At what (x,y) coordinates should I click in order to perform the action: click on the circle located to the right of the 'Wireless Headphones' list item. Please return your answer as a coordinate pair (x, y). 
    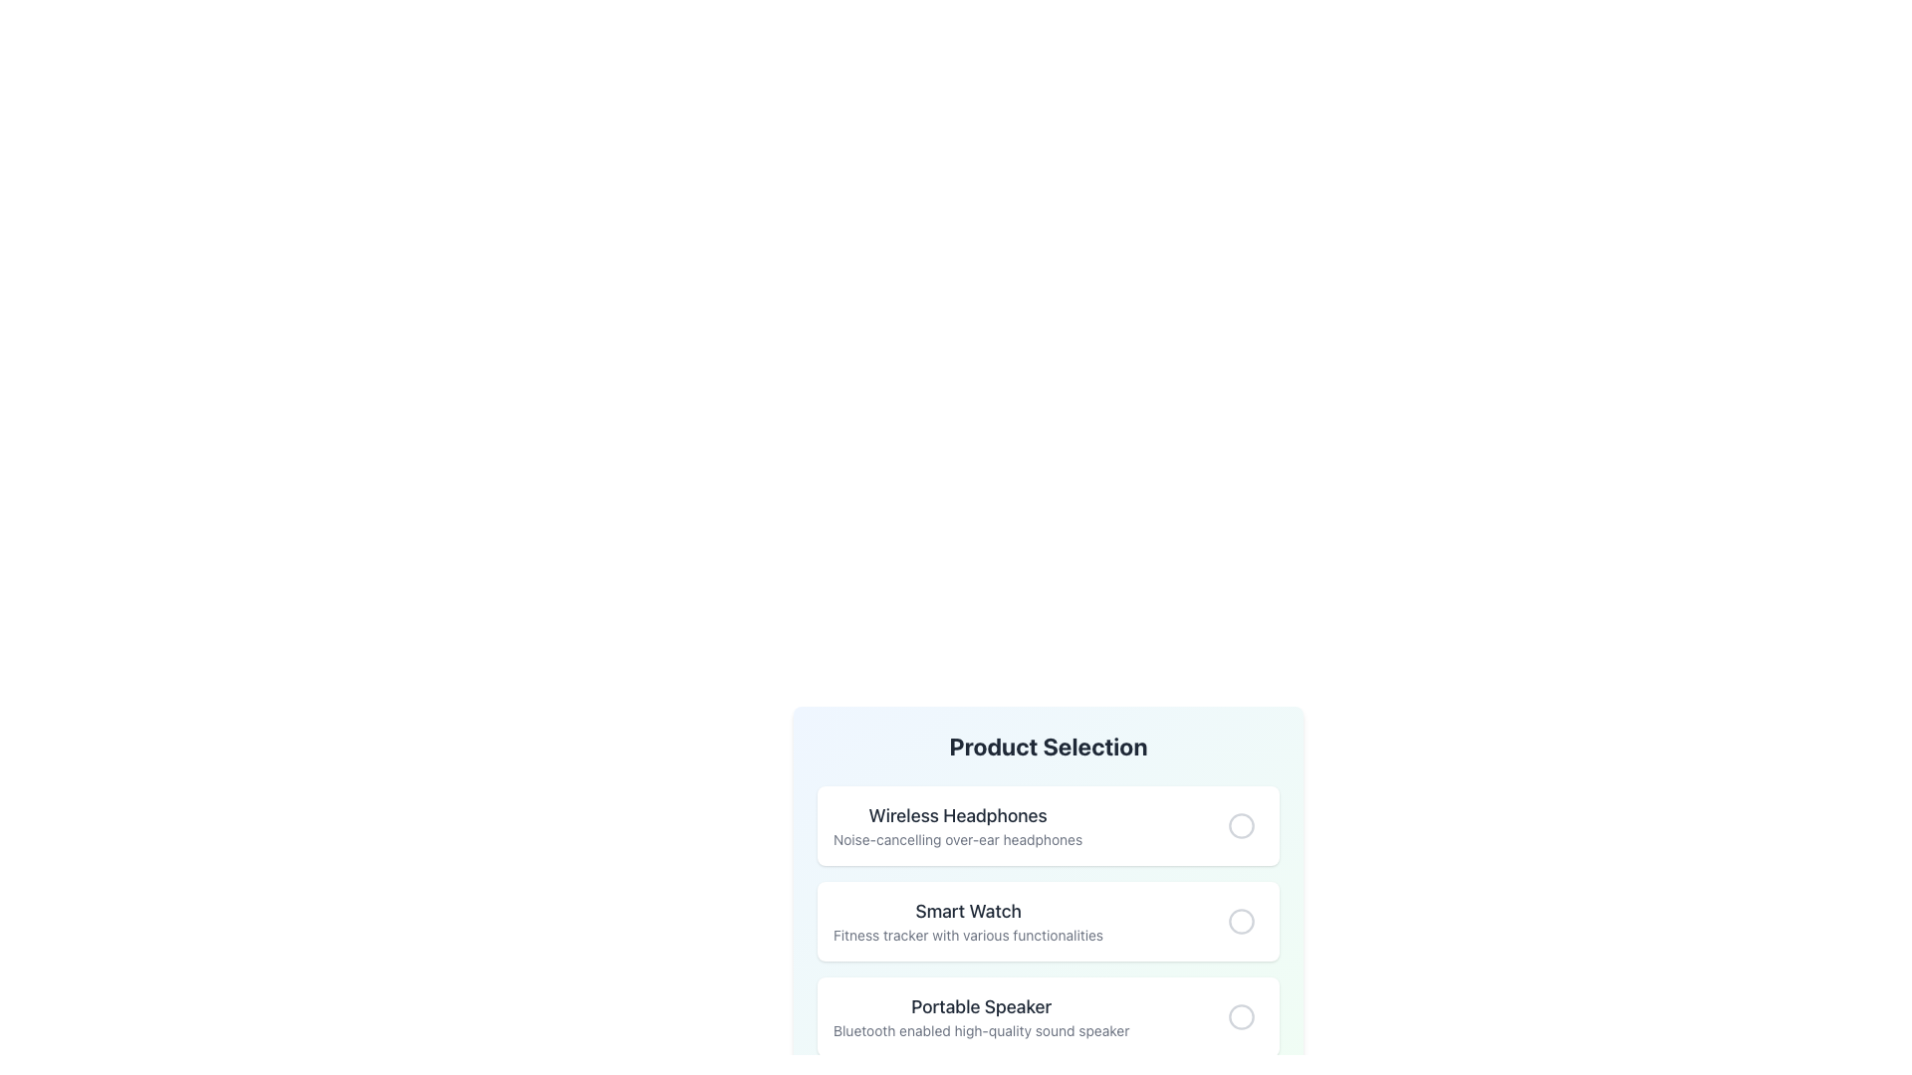
    Looking at the image, I should click on (1241, 825).